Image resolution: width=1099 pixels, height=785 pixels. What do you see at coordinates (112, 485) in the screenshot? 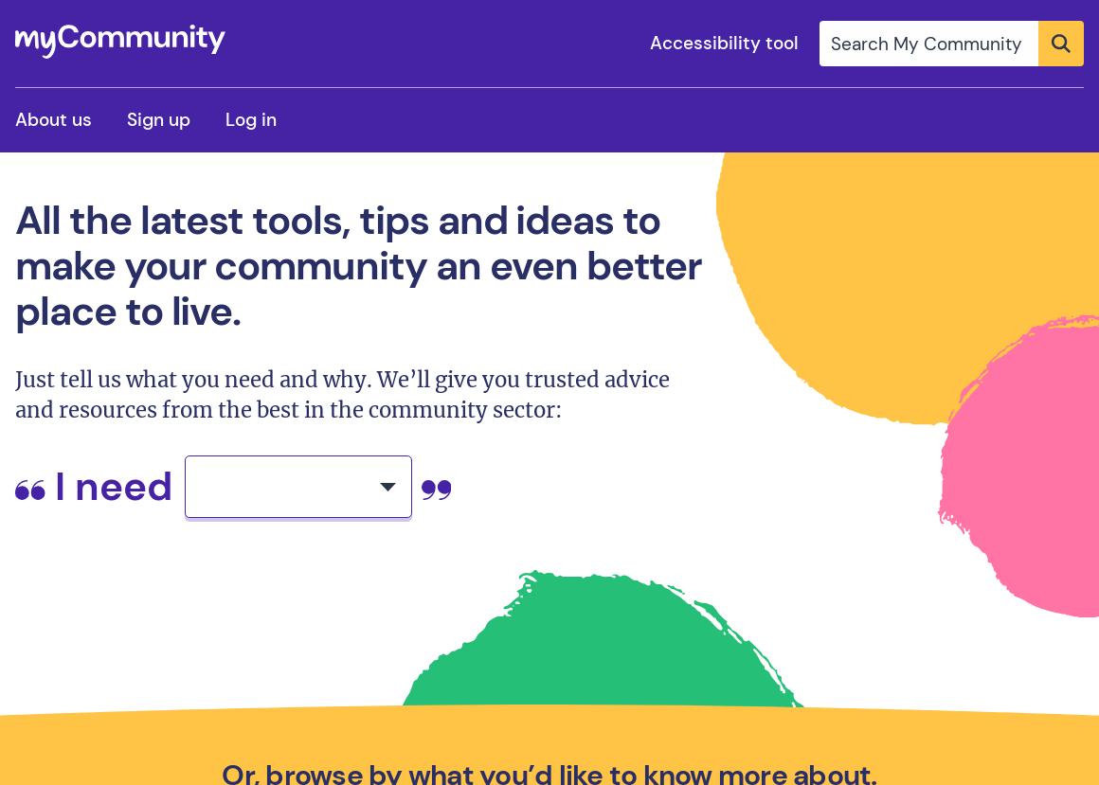
I see `'I need'` at bounding box center [112, 485].